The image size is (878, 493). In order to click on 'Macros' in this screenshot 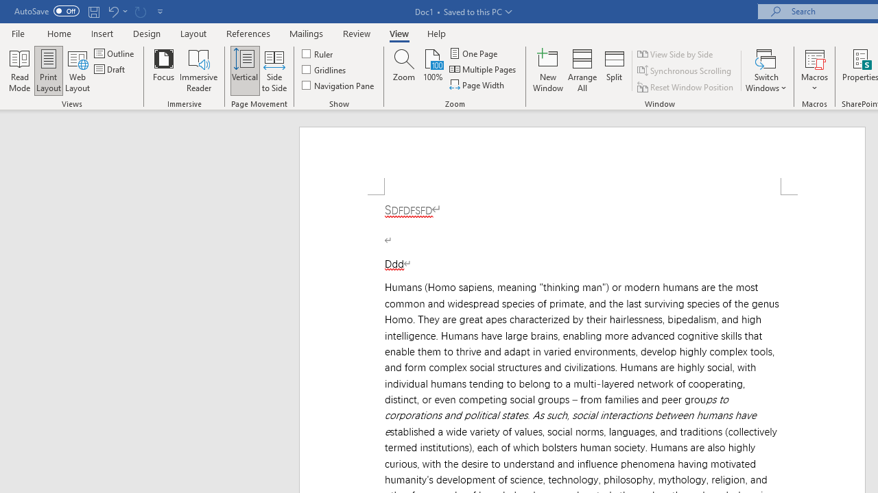, I will do `click(814, 71)`.